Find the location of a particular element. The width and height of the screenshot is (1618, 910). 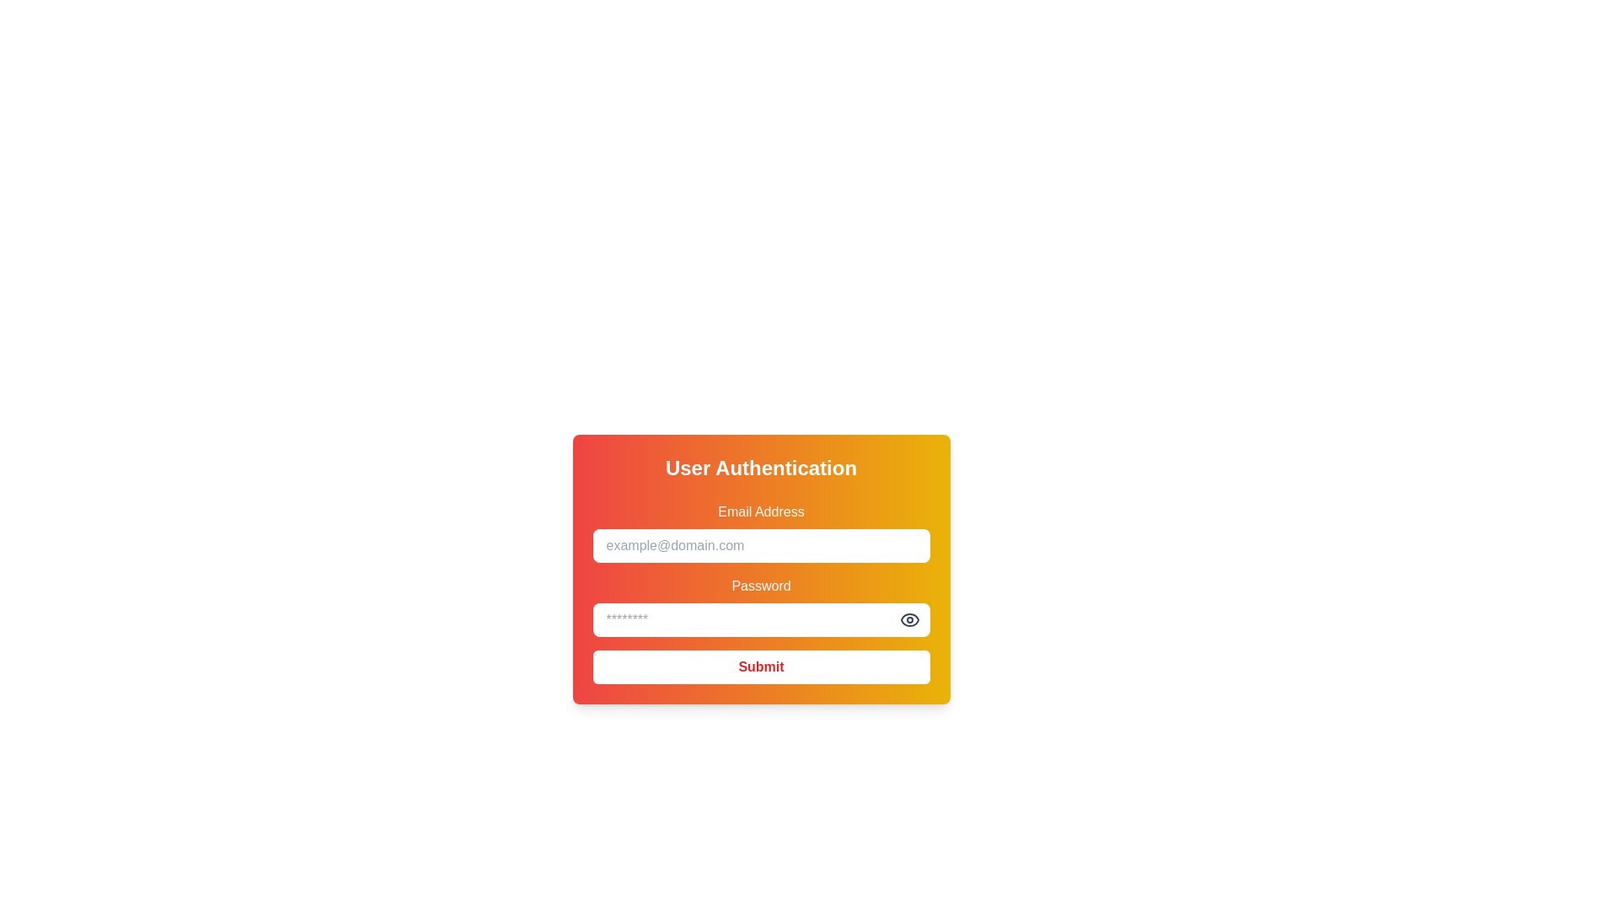

the second label in the form that indicates the purpose of the adjacent password input box for potential additional information is located at coordinates (760, 585).